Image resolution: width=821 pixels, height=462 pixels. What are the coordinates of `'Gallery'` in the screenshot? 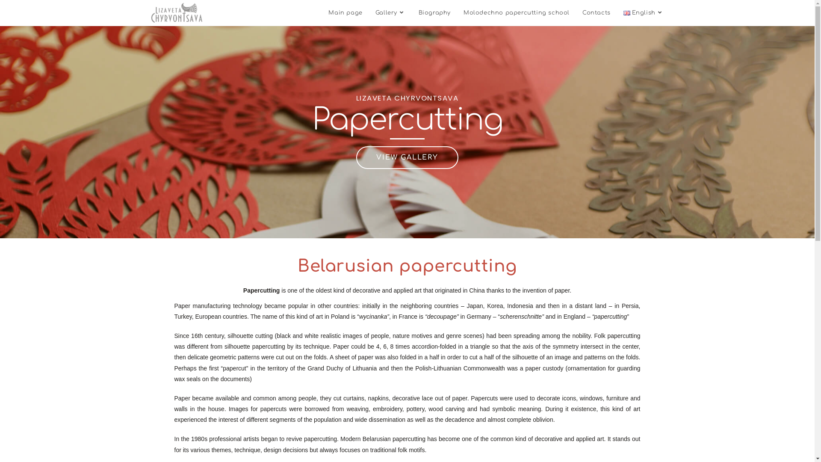 It's located at (390, 13).